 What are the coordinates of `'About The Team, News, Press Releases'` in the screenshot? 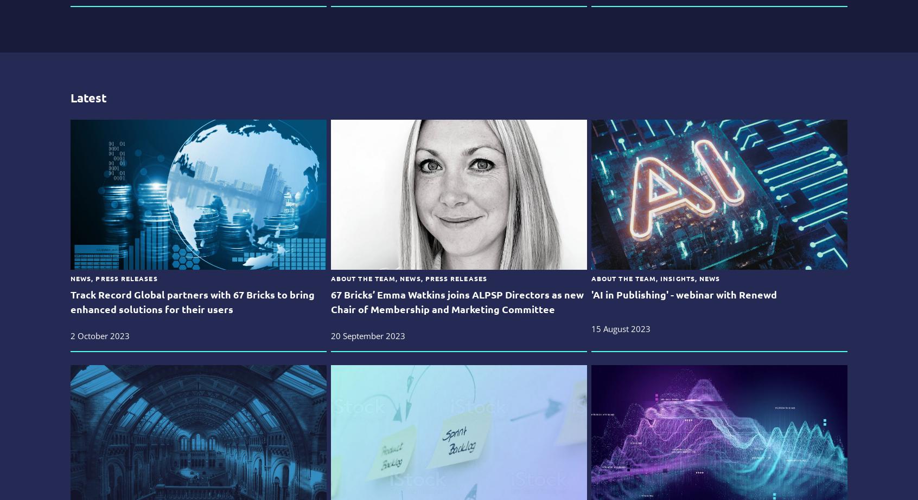 It's located at (407, 278).